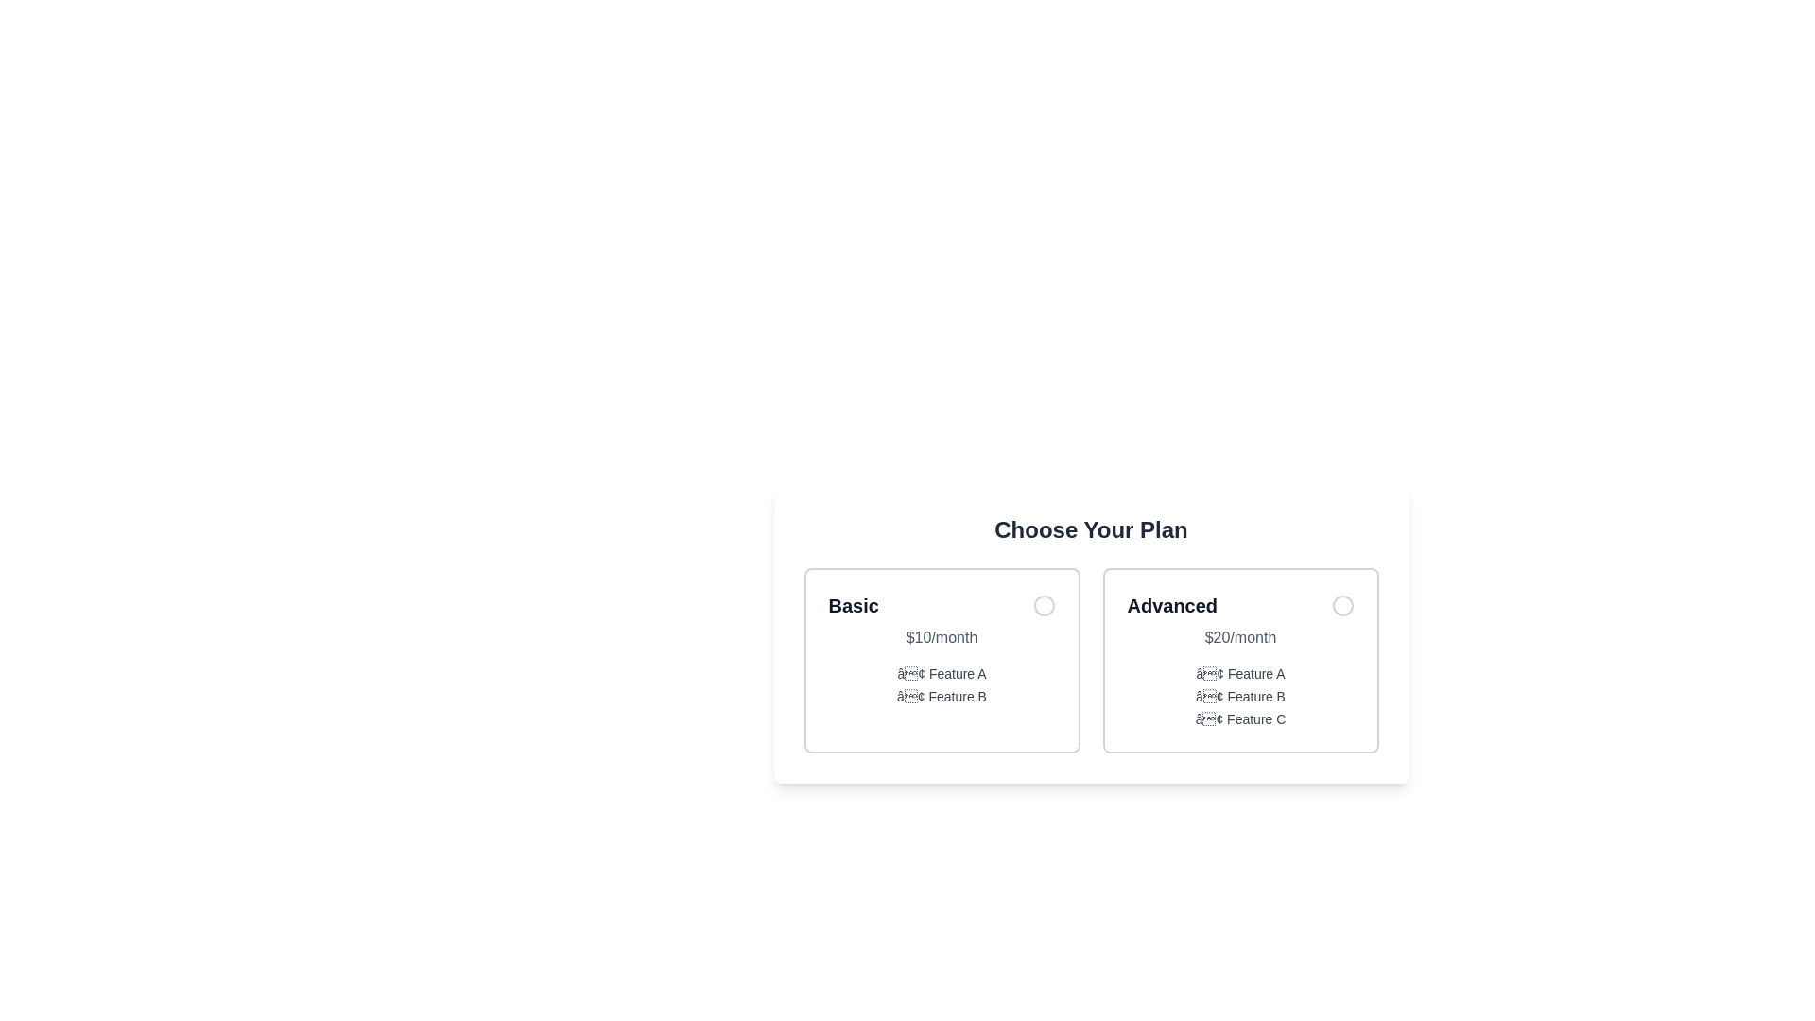 This screenshot has width=1815, height=1021. Describe the element at coordinates (1341, 605) in the screenshot. I see `the radio button located at the upper-right corner of the 'Advanced' plan card` at that location.